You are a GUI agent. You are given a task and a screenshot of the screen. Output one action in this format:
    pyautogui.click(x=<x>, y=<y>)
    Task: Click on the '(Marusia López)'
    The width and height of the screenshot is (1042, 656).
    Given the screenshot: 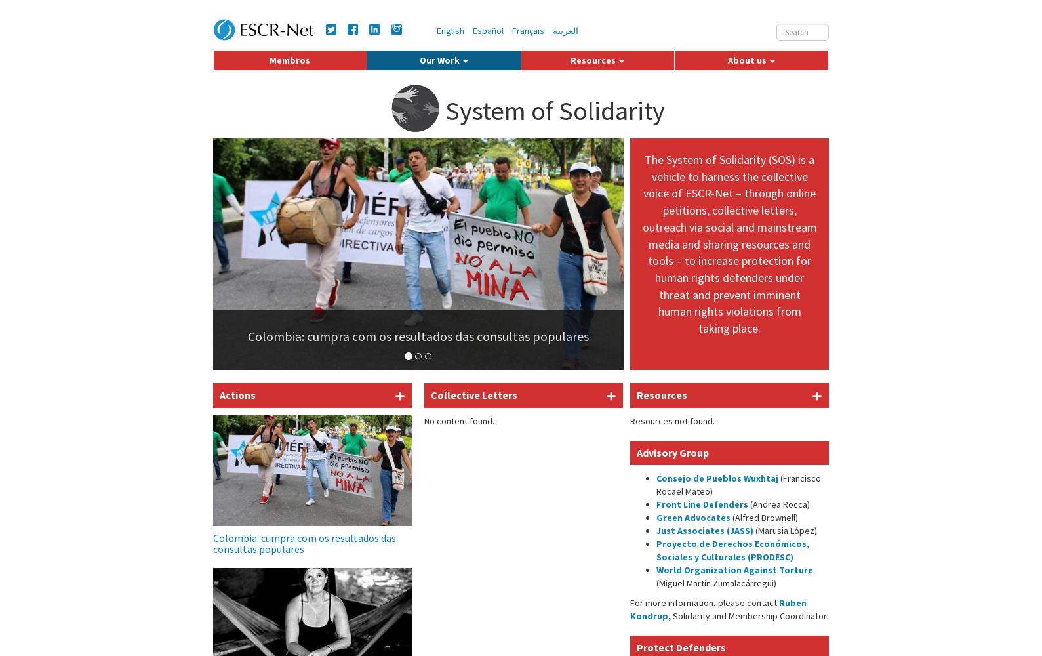 What is the action you would take?
    pyautogui.click(x=755, y=531)
    